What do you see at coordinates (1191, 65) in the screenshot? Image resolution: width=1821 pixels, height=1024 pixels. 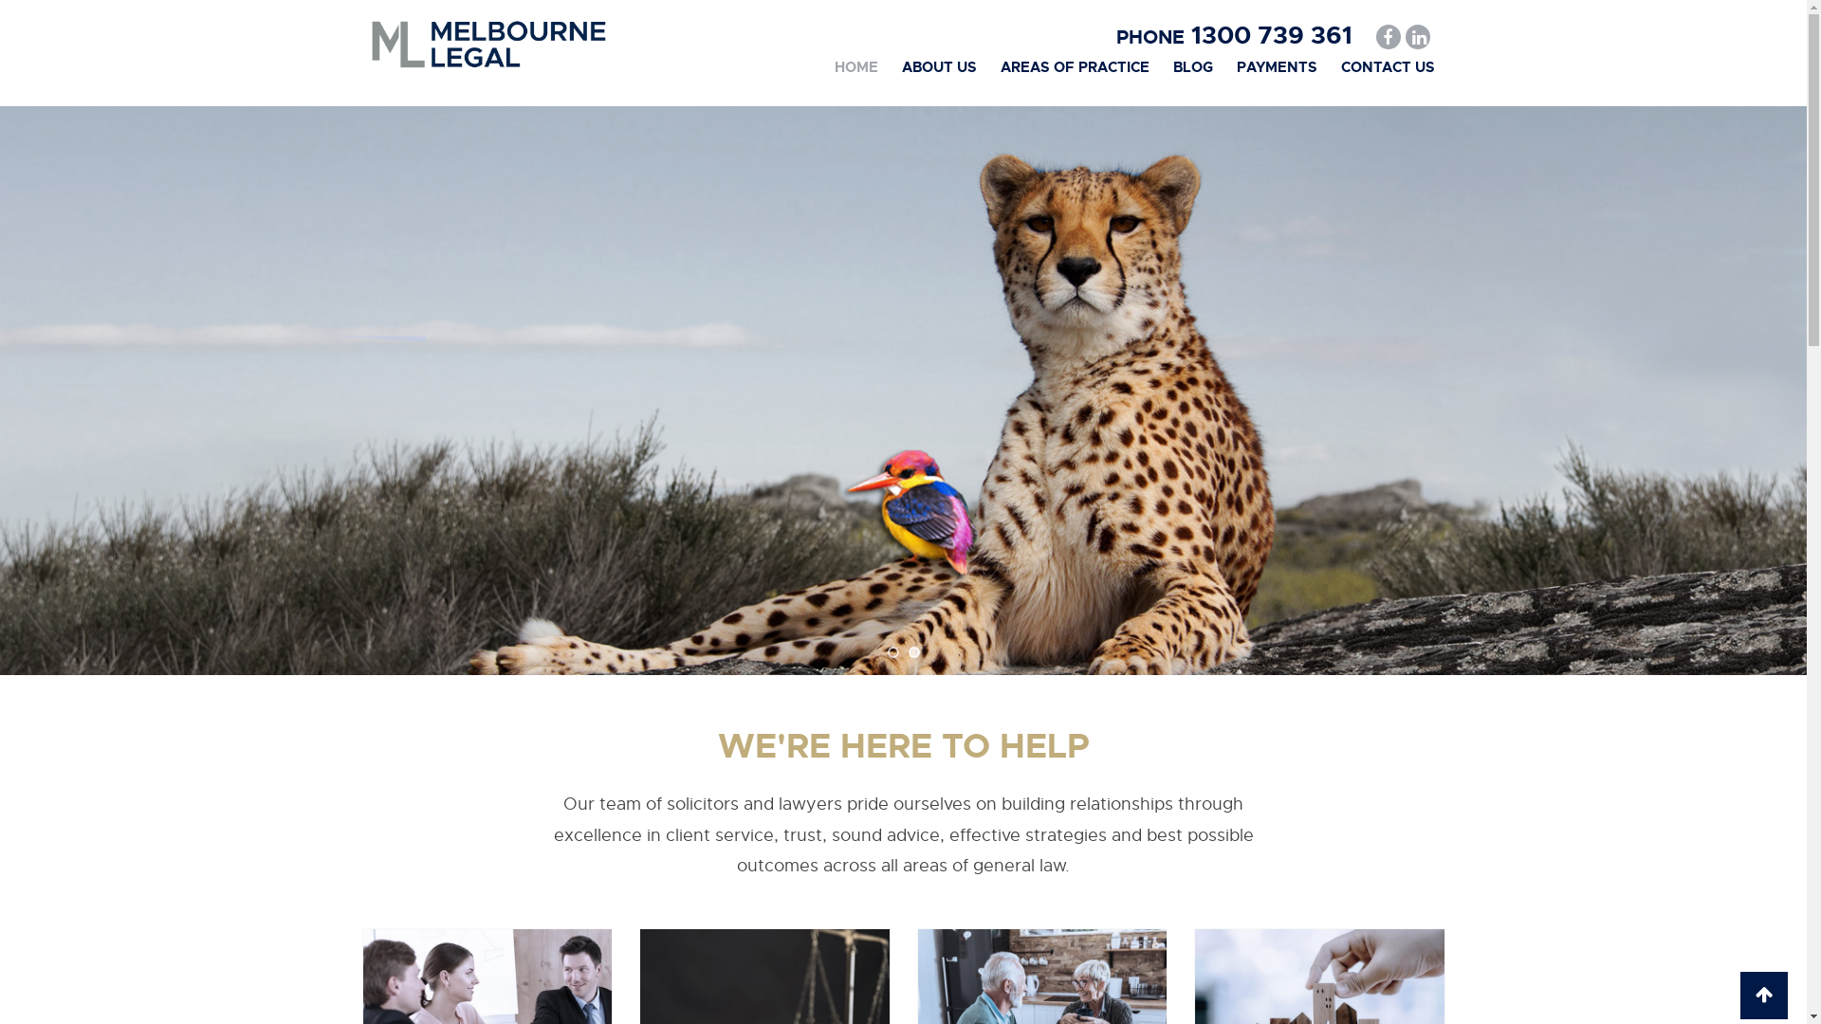 I see `'BLOG'` at bounding box center [1191, 65].